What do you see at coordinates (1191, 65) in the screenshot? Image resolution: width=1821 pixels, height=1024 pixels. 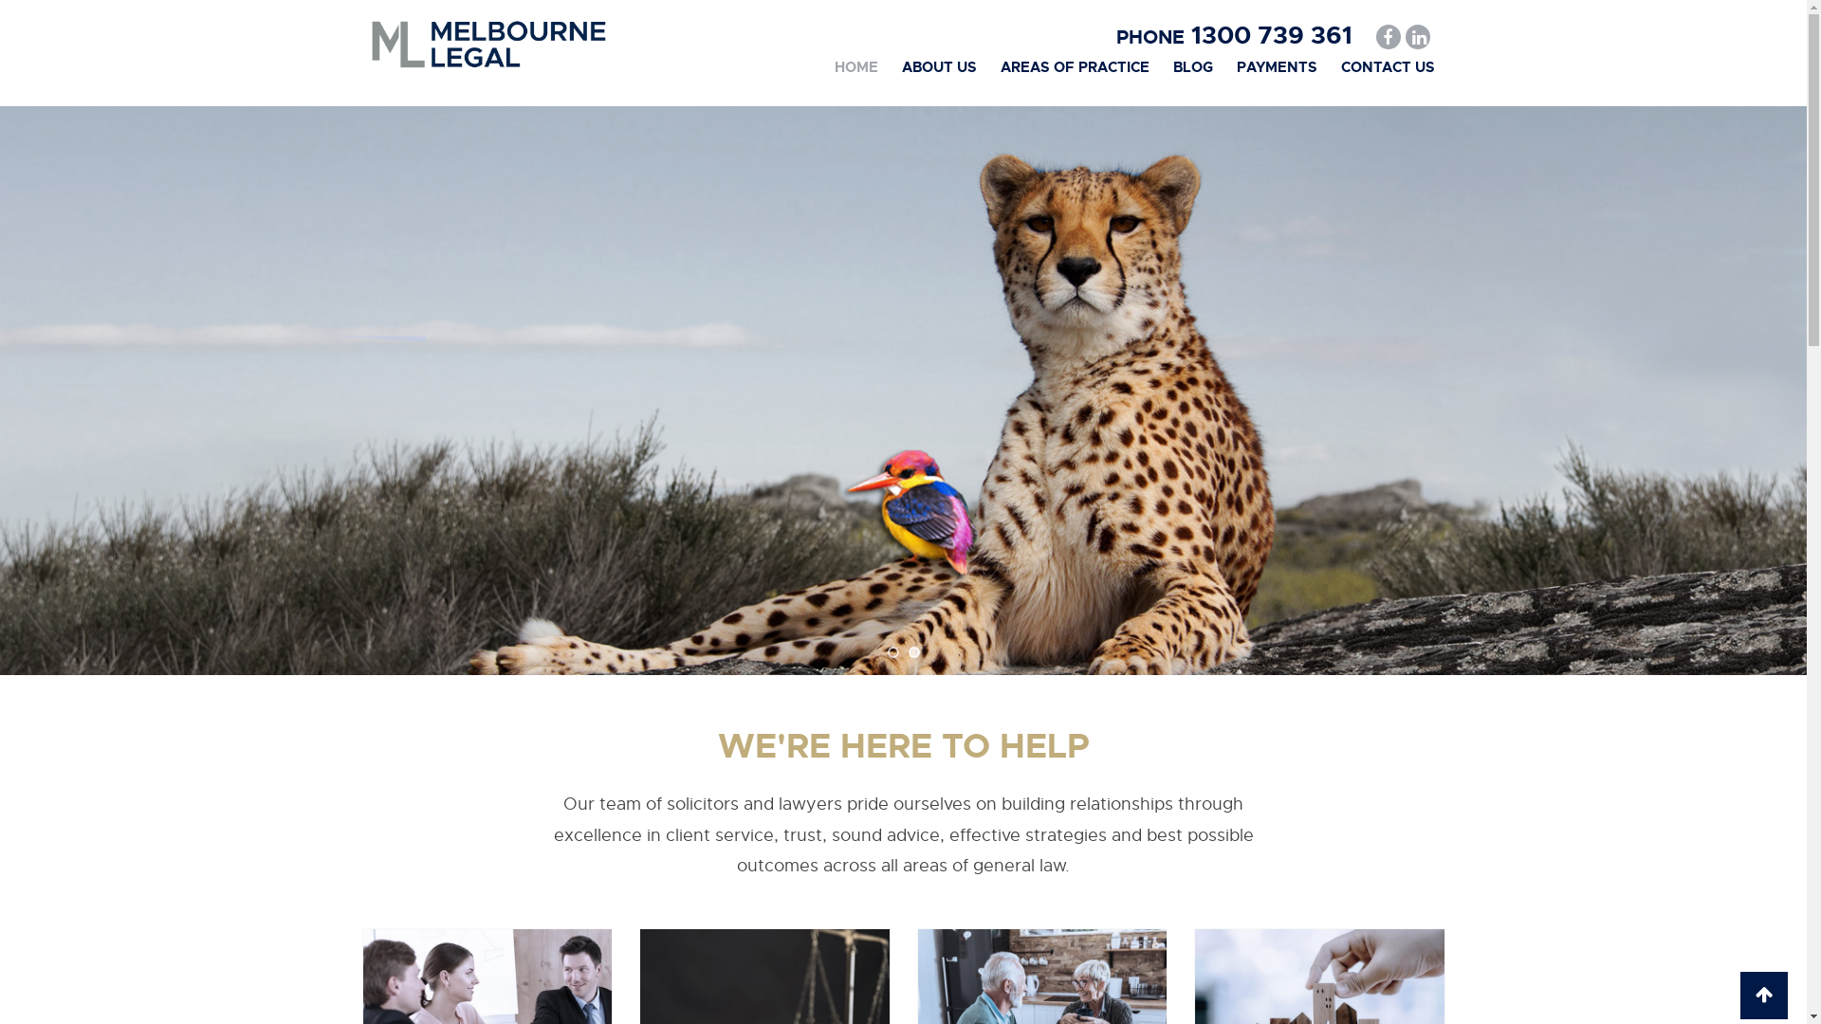 I see `'BLOG'` at bounding box center [1191, 65].